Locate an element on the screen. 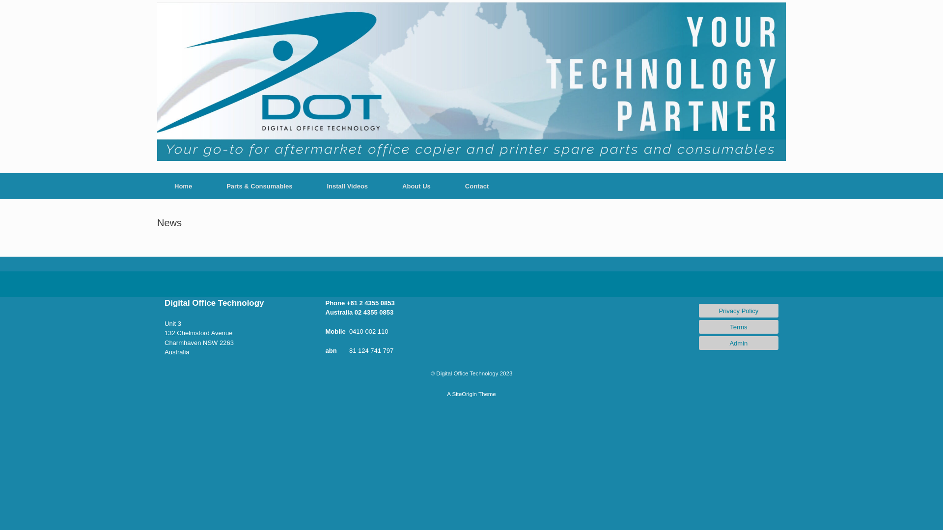  'Terms' is located at coordinates (698, 327).